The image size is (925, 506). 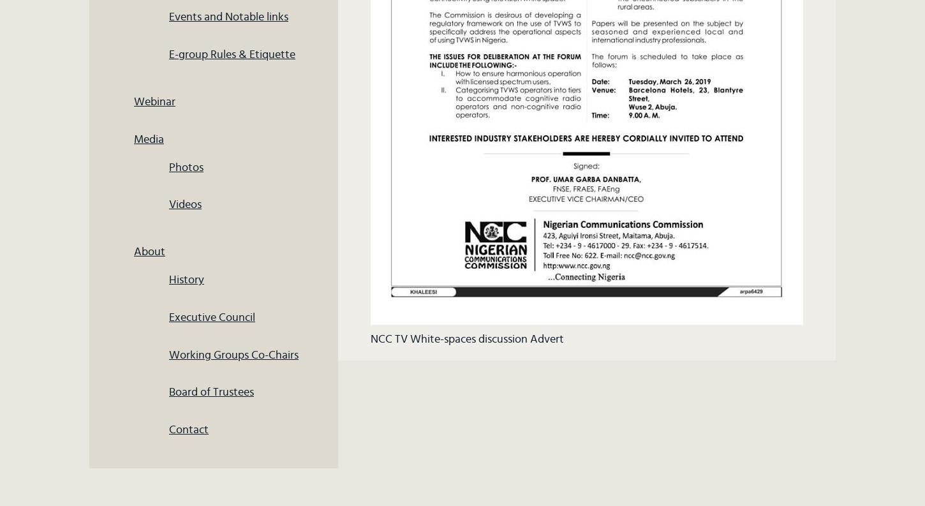 What do you see at coordinates (211, 392) in the screenshot?
I see `'Board of Trustees'` at bounding box center [211, 392].